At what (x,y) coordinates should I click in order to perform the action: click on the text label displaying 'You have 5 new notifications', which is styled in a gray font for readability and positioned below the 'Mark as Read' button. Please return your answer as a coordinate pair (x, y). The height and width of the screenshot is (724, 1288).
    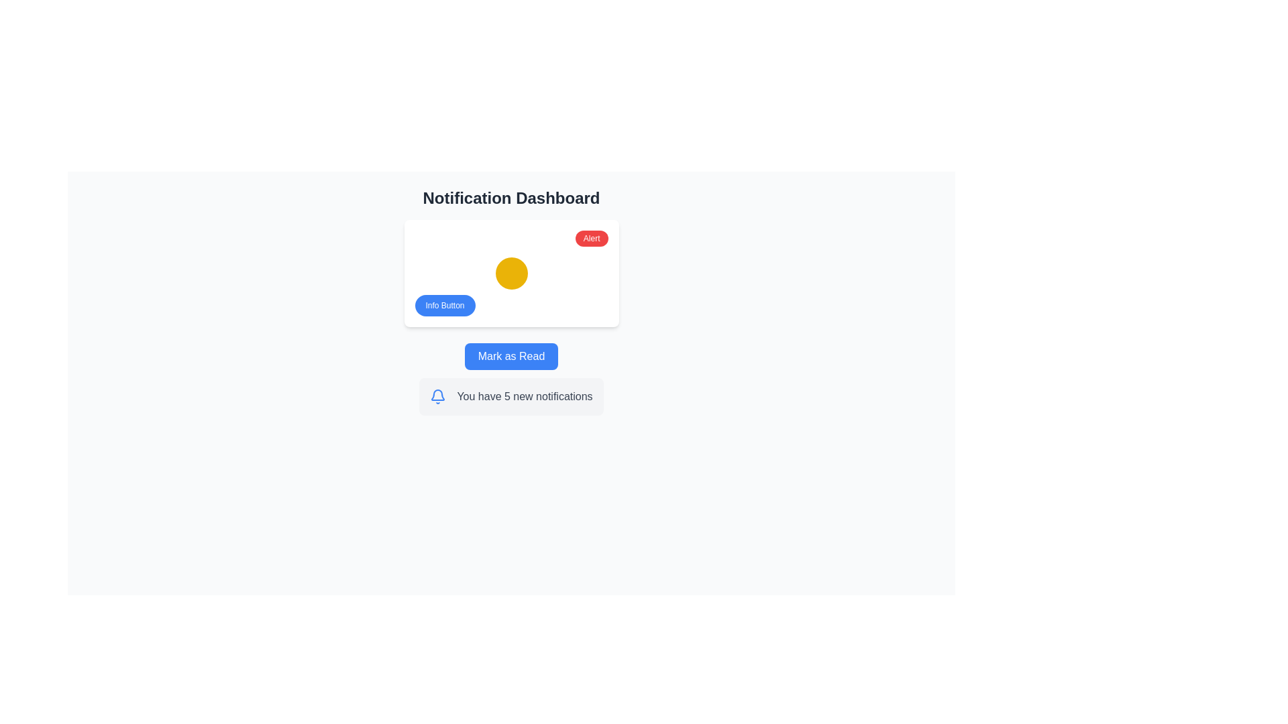
    Looking at the image, I should click on (524, 396).